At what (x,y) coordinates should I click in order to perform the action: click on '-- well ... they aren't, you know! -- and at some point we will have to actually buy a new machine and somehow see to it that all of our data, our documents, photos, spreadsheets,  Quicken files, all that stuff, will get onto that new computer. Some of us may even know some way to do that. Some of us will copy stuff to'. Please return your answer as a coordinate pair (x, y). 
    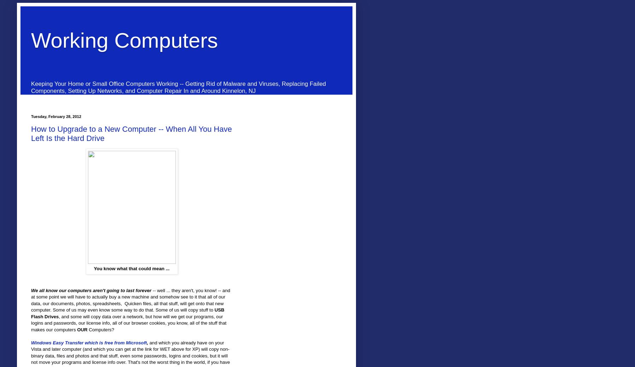
    Looking at the image, I should click on (130, 300).